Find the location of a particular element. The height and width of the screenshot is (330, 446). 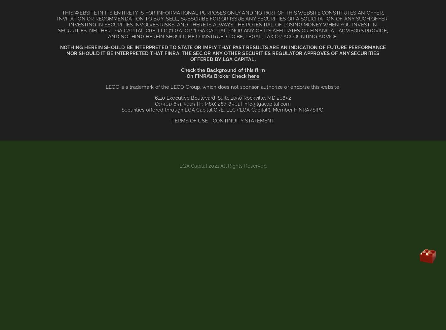

'LEGO is a trademark of the LEGO Group, which does not sponsor, authorize or endorse this website.' is located at coordinates (223, 87).